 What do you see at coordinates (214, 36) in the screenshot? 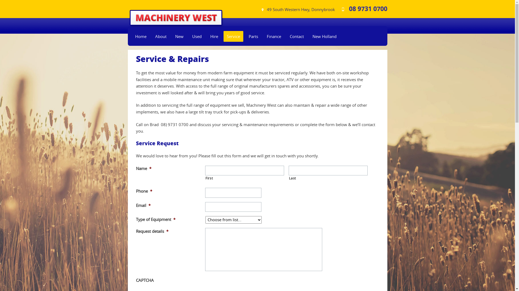
I see `'Hire'` at bounding box center [214, 36].